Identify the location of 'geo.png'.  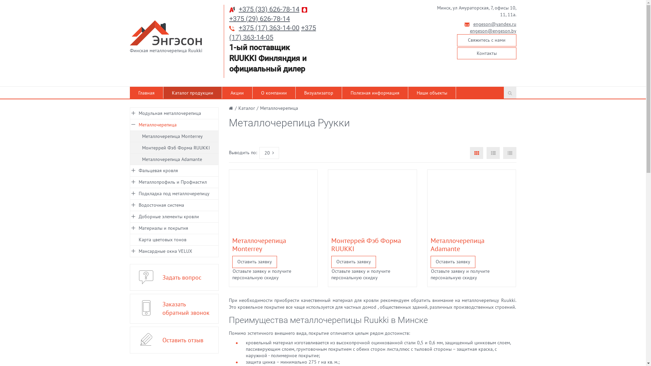
(431, 8).